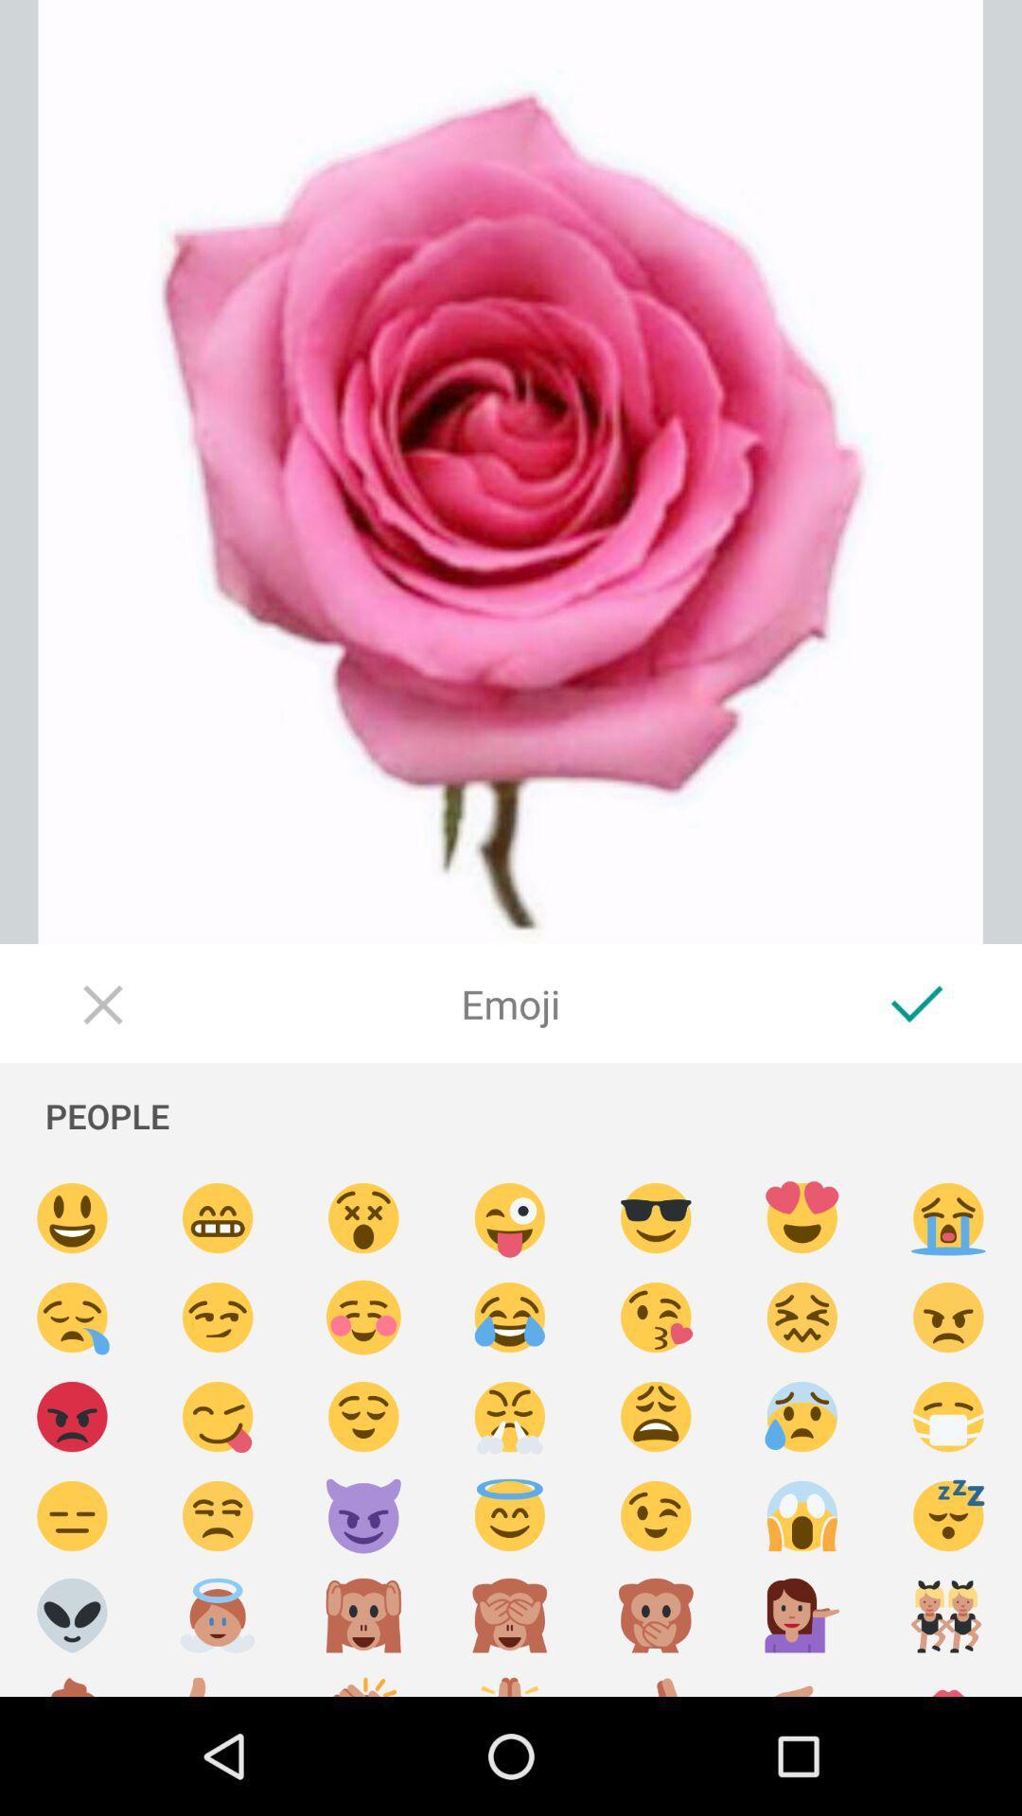 This screenshot has width=1022, height=1816. I want to click on an emoji, so click(509, 1218).